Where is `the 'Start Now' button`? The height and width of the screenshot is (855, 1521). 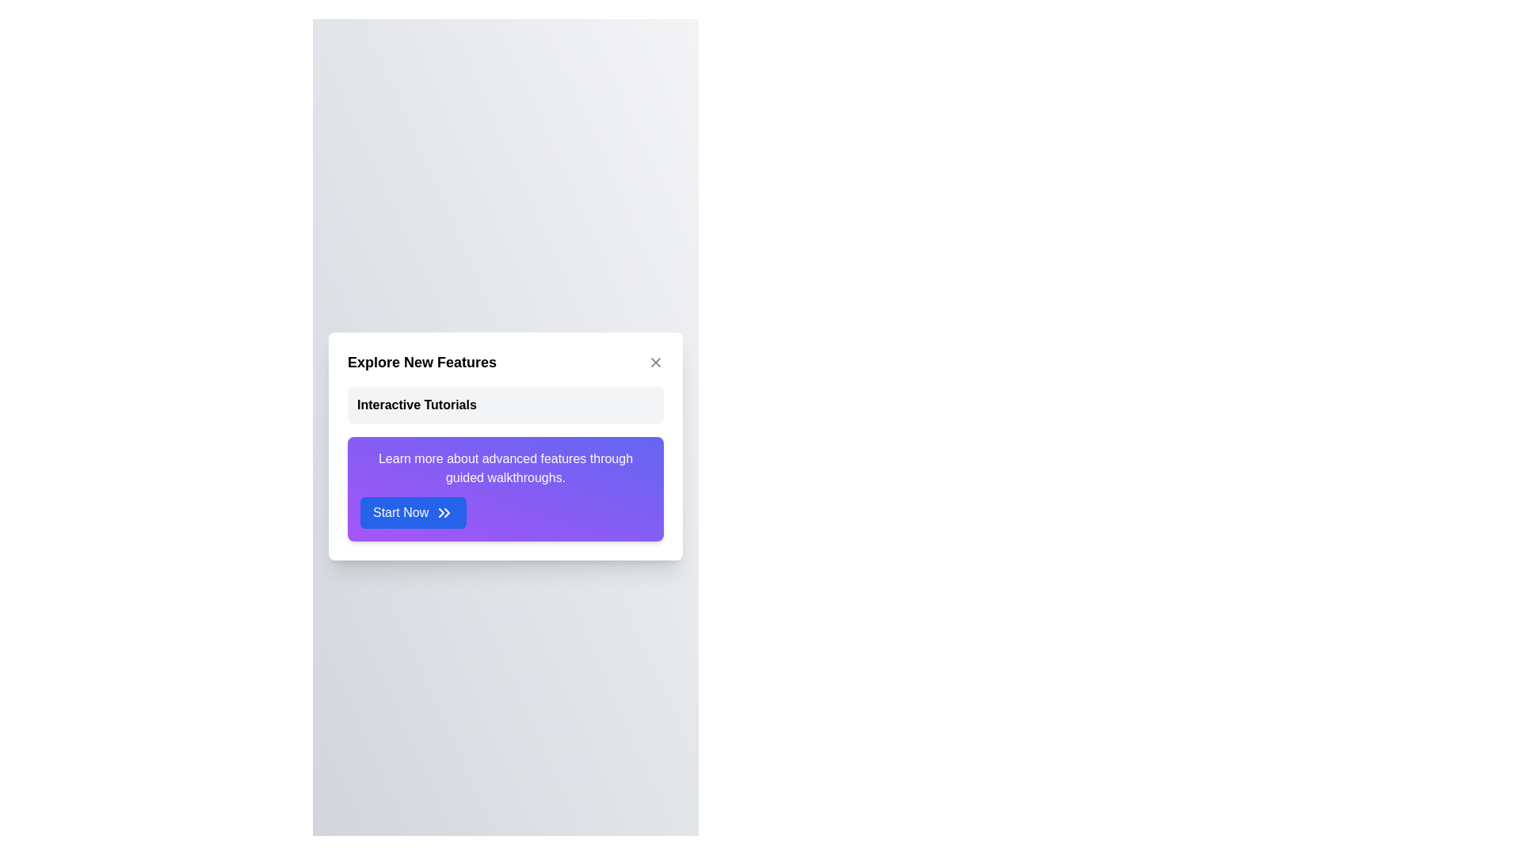 the 'Start Now' button is located at coordinates (444, 513).